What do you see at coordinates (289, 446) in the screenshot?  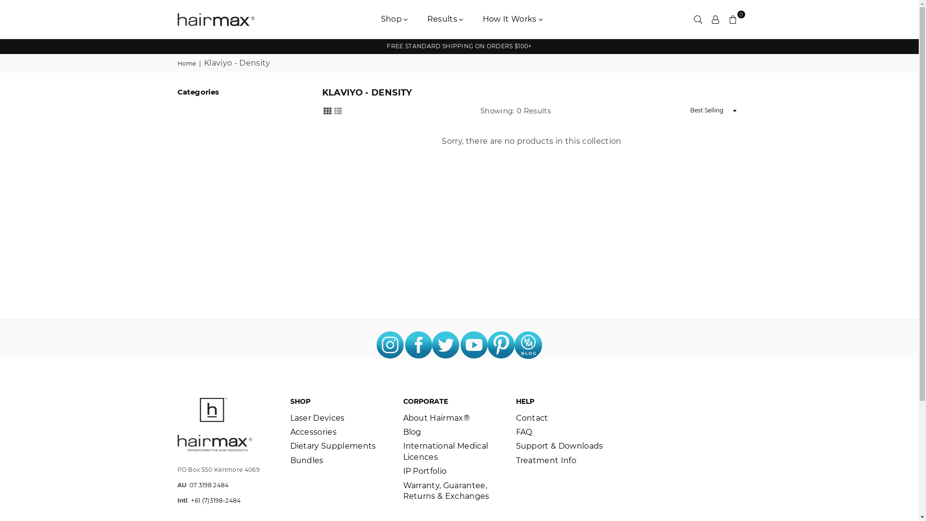 I see `'Dietary Supplements'` at bounding box center [289, 446].